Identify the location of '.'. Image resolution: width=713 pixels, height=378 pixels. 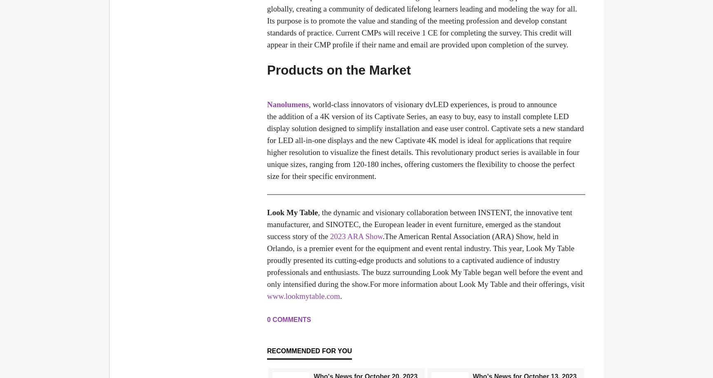
(340, 296).